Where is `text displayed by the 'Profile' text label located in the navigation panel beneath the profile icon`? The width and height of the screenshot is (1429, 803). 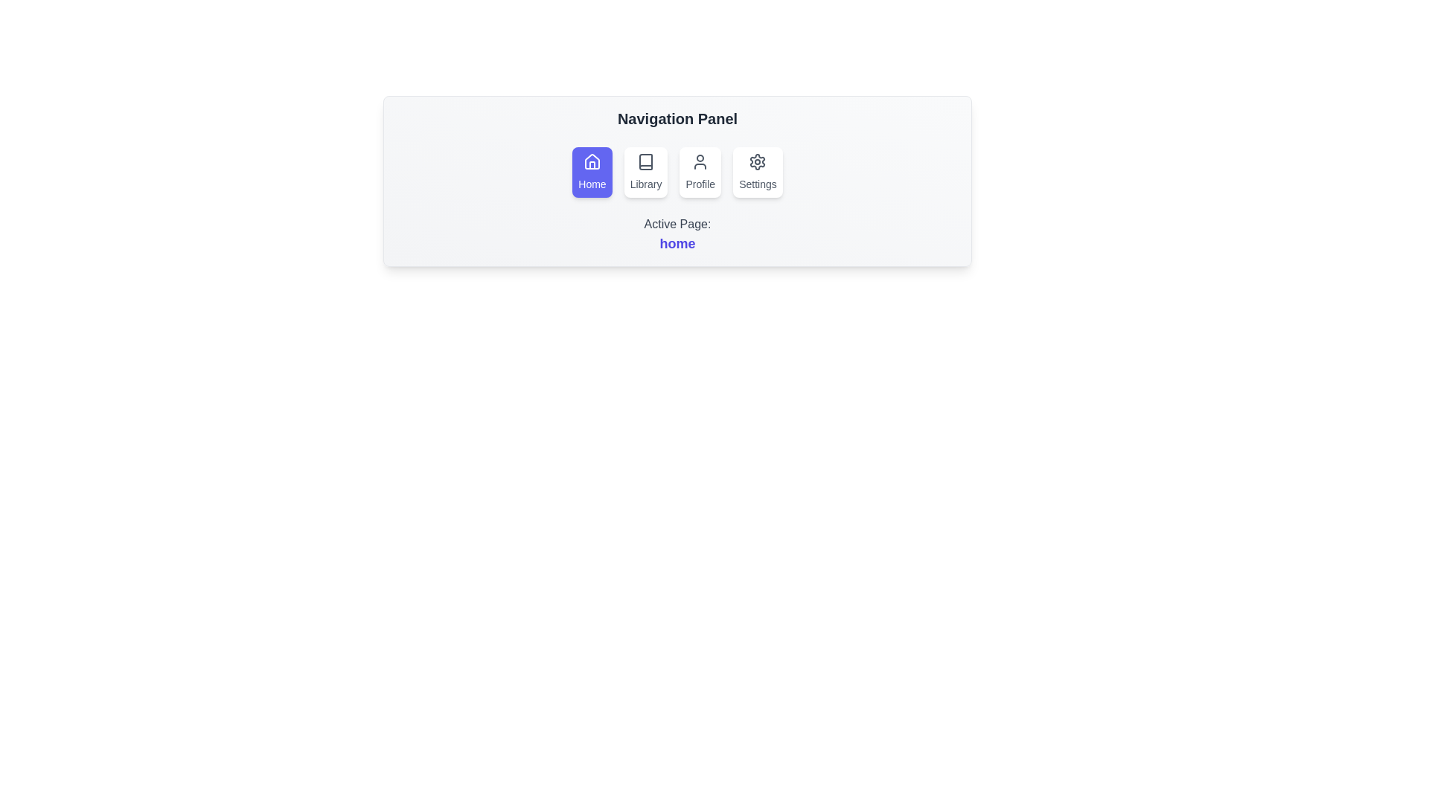
text displayed by the 'Profile' text label located in the navigation panel beneath the profile icon is located at coordinates (700, 183).